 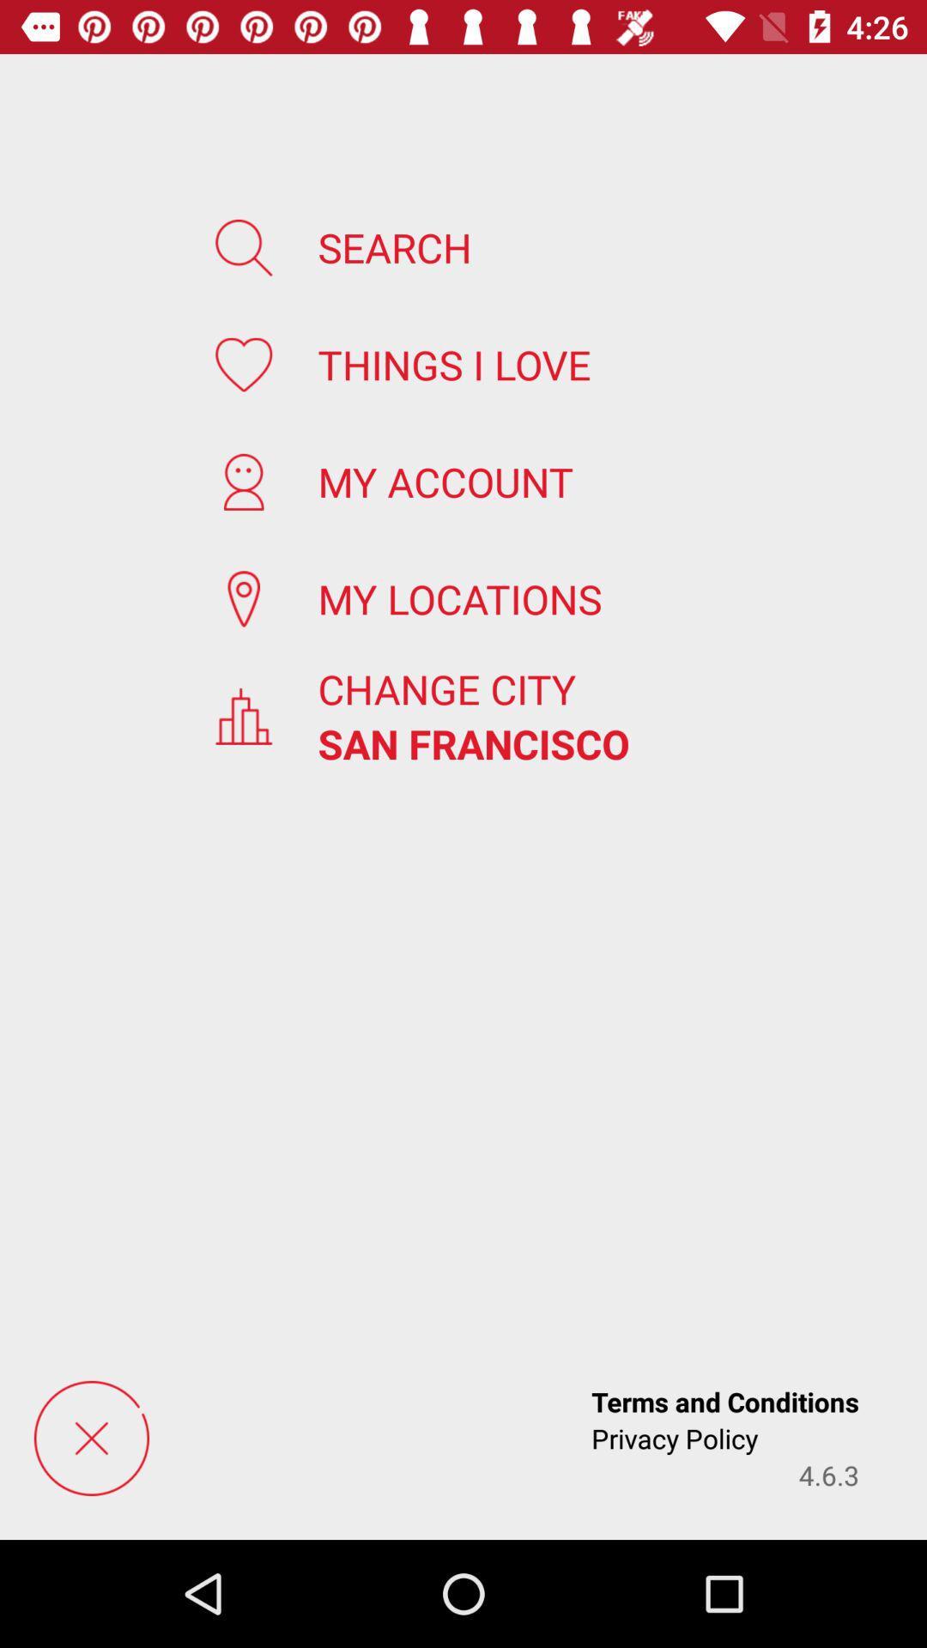 What do you see at coordinates (674, 1438) in the screenshot?
I see `app next to 4.6.3 icon` at bounding box center [674, 1438].